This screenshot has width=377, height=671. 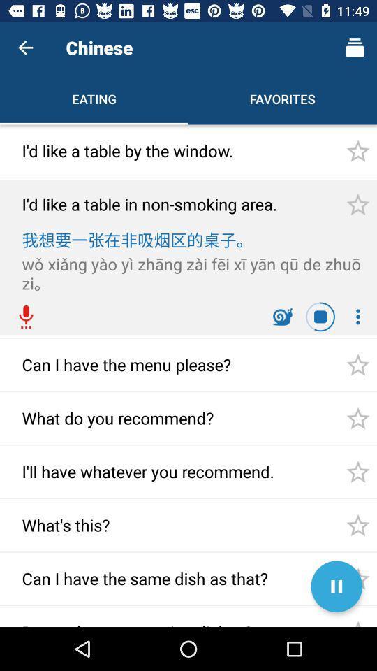 What do you see at coordinates (336, 586) in the screenshot?
I see `the pause icon` at bounding box center [336, 586].